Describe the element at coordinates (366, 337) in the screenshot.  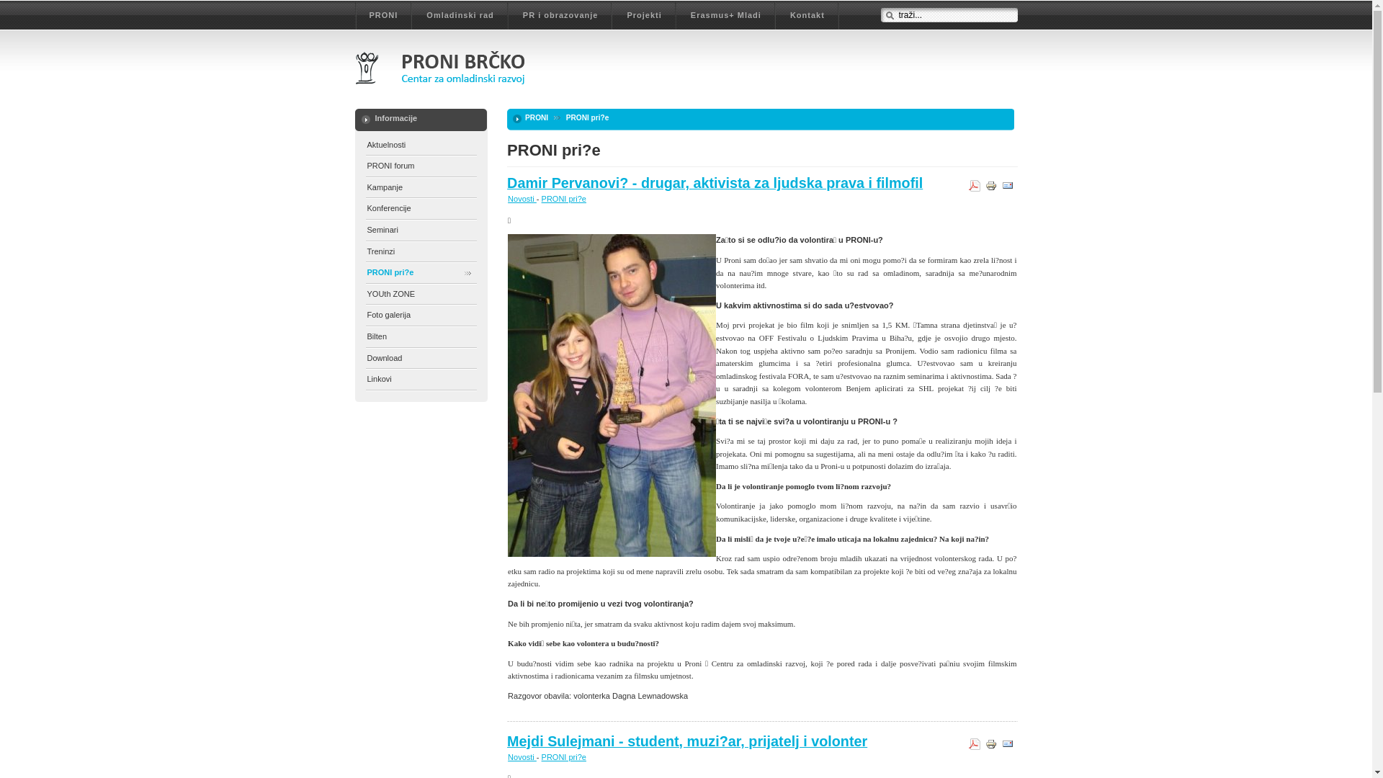
I see `'Bilten'` at that location.